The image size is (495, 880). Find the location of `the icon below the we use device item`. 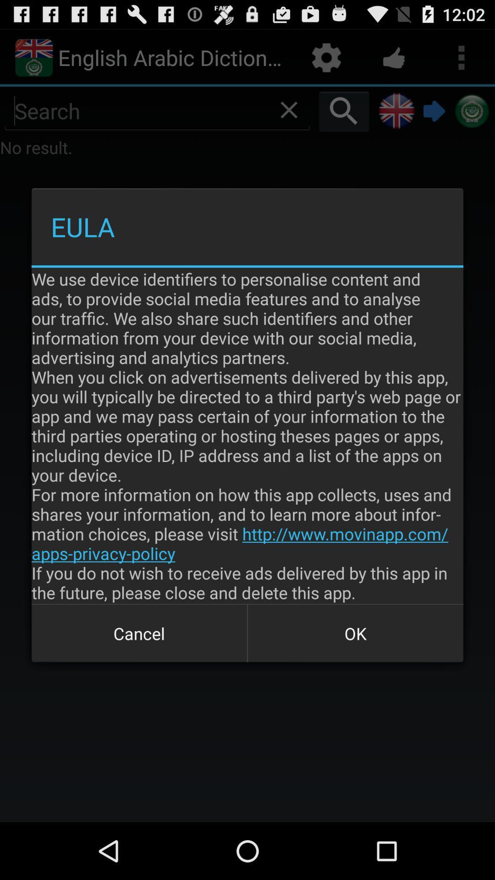

the icon below the we use device item is located at coordinates (355, 633).